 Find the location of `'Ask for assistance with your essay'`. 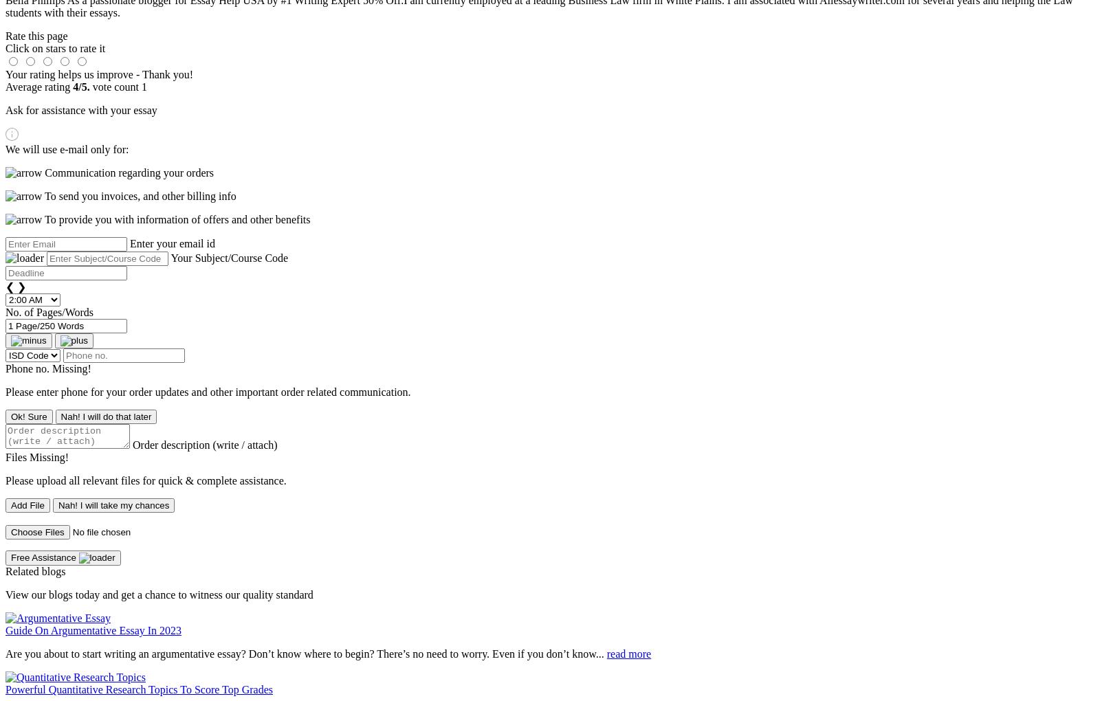

'Ask for assistance with your essay' is located at coordinates (5, 110).